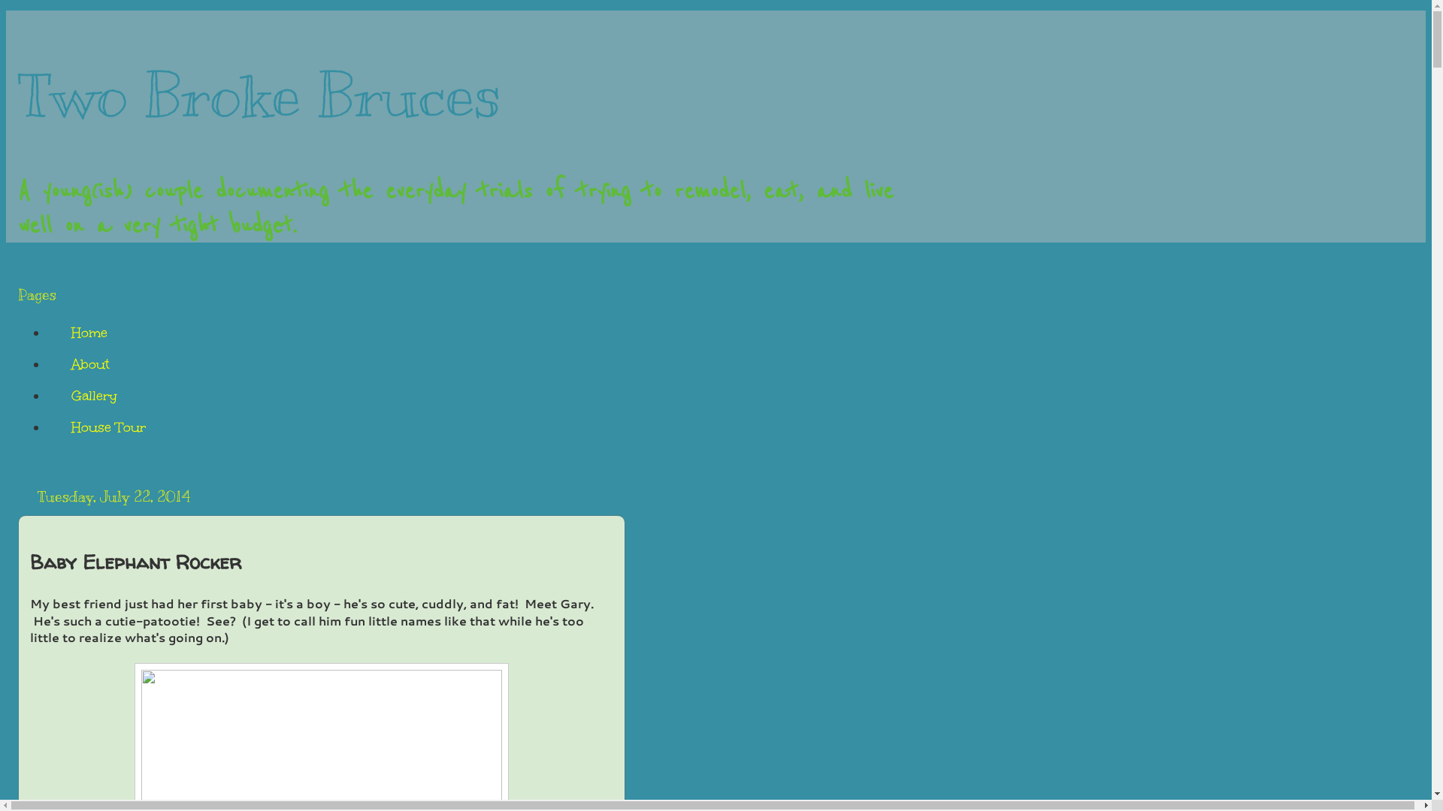  Describe the element at coordinates (47, 427) in the screenshot. I see `'House Tour'` at that location.